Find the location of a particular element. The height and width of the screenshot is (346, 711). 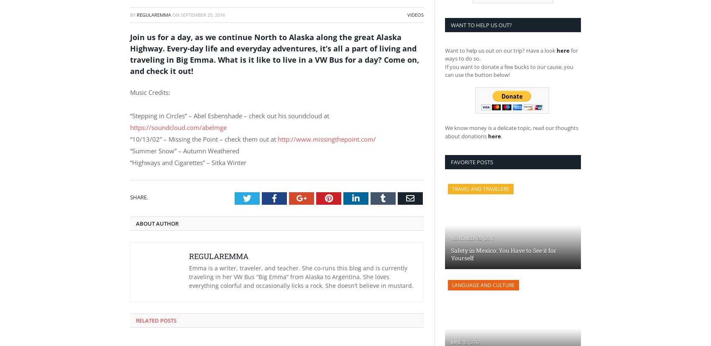

'Want to Help us Out?' is located at coordinates (481, 24).